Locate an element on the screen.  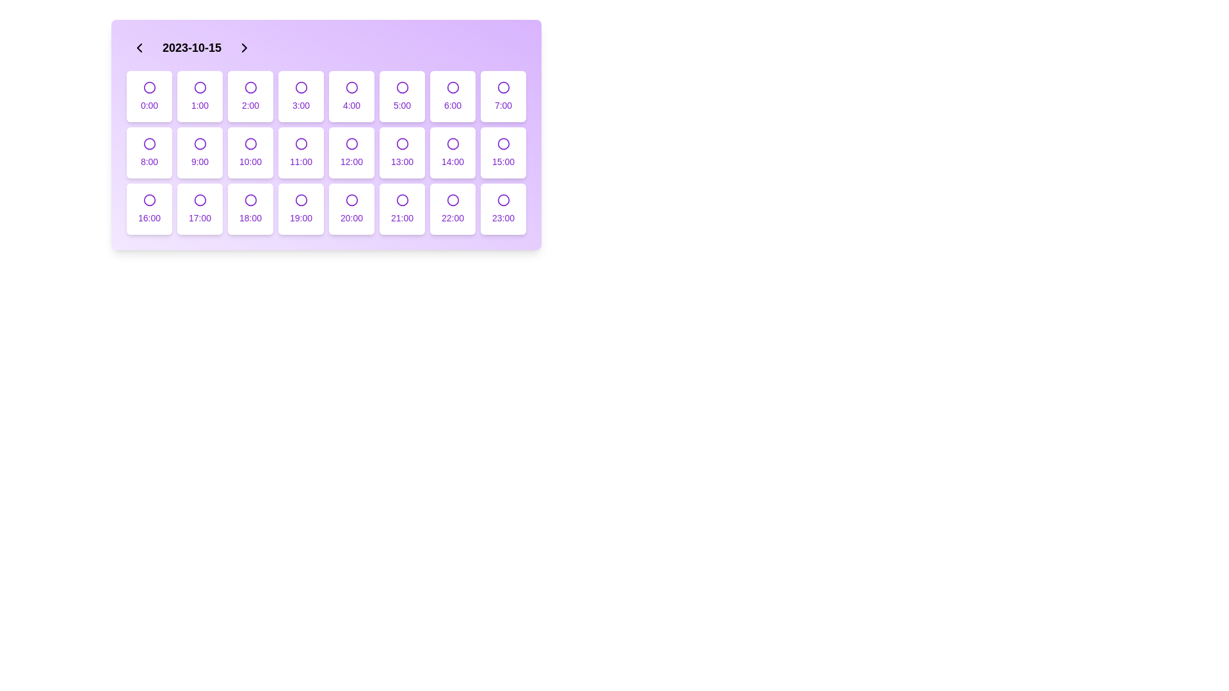
the time selector button for '13:00' located in the middle row, sixth column of the grid is located at coordinates (401, 152).